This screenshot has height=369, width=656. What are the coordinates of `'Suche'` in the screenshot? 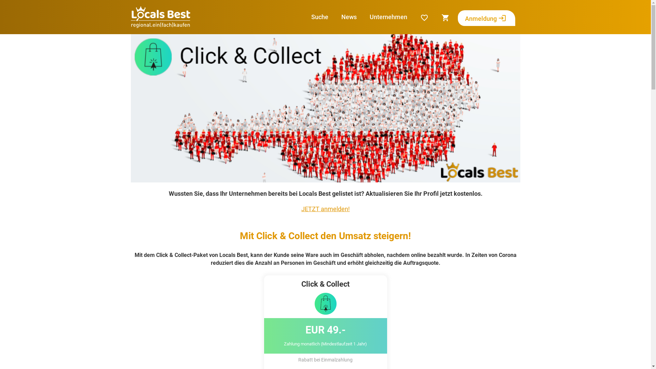 It's located at (321, 17).